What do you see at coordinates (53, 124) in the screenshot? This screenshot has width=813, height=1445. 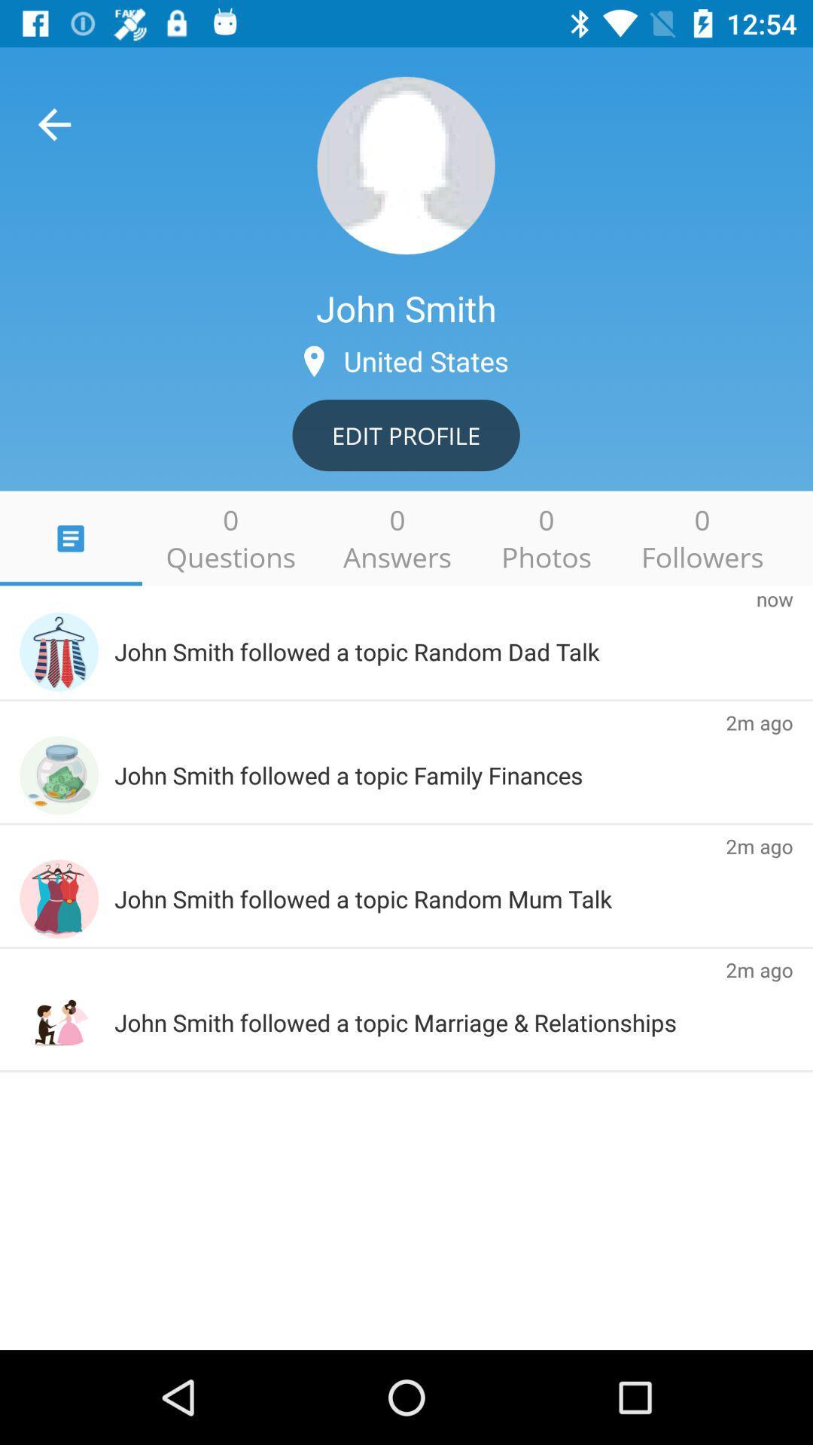 I see `the item at the top left corner` at bounding box center [53, 124].